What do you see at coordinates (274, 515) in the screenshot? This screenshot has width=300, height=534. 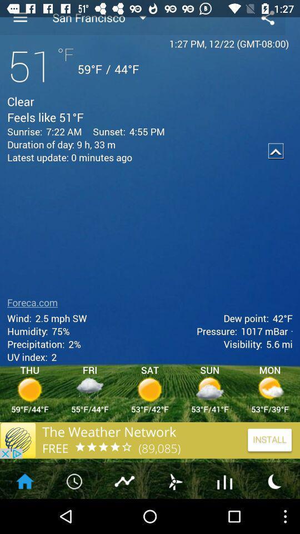 I see `the weather icon` at bounding box center [274, 515].